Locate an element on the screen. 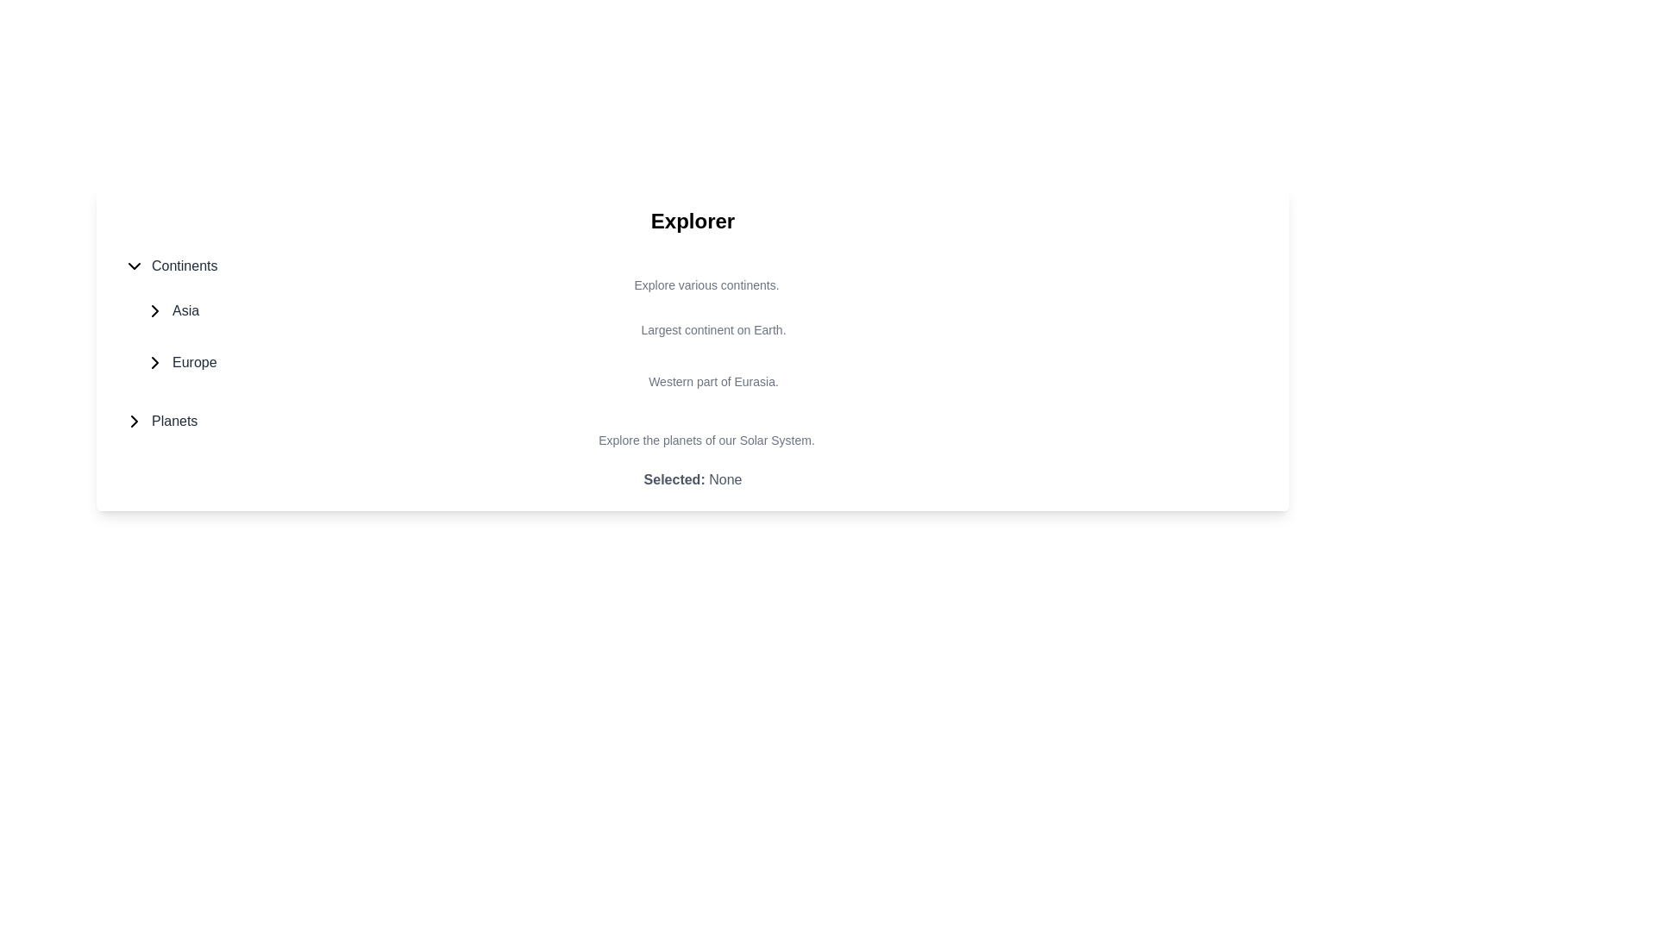 The height and width of the screenshot is (931, 1656). the static text label displaying 'Explore the planets of our Solar System.' which is positioned below the heading 'Planets' is located at coordinates (693, 439).